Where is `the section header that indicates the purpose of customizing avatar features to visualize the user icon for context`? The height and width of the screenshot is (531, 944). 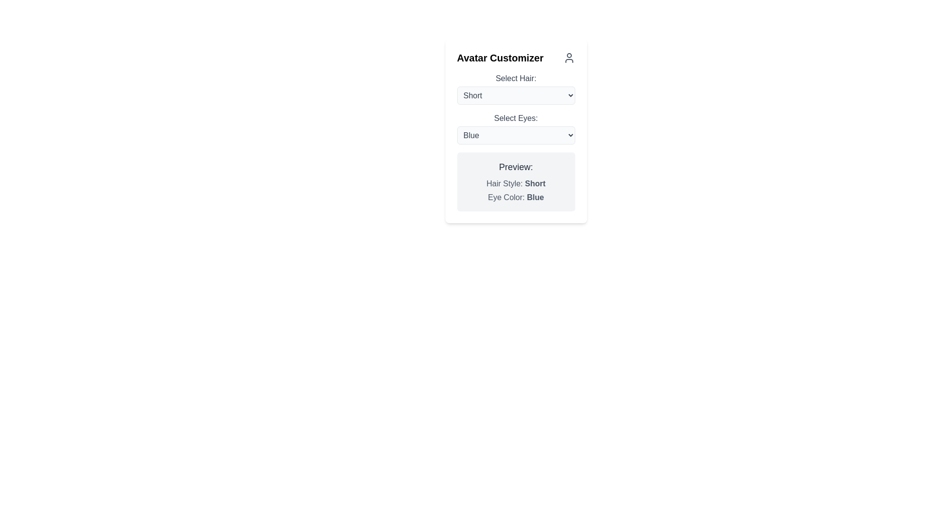
the section header that indicates the purpose of customizing avatar features to visualize the user icon for context is located at coordinates (515, 58).